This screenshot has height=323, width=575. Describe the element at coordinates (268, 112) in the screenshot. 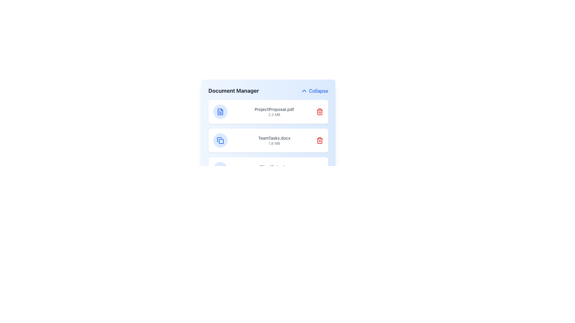

I see `the 'ProjectProposal.pdf' file list item` at that location.